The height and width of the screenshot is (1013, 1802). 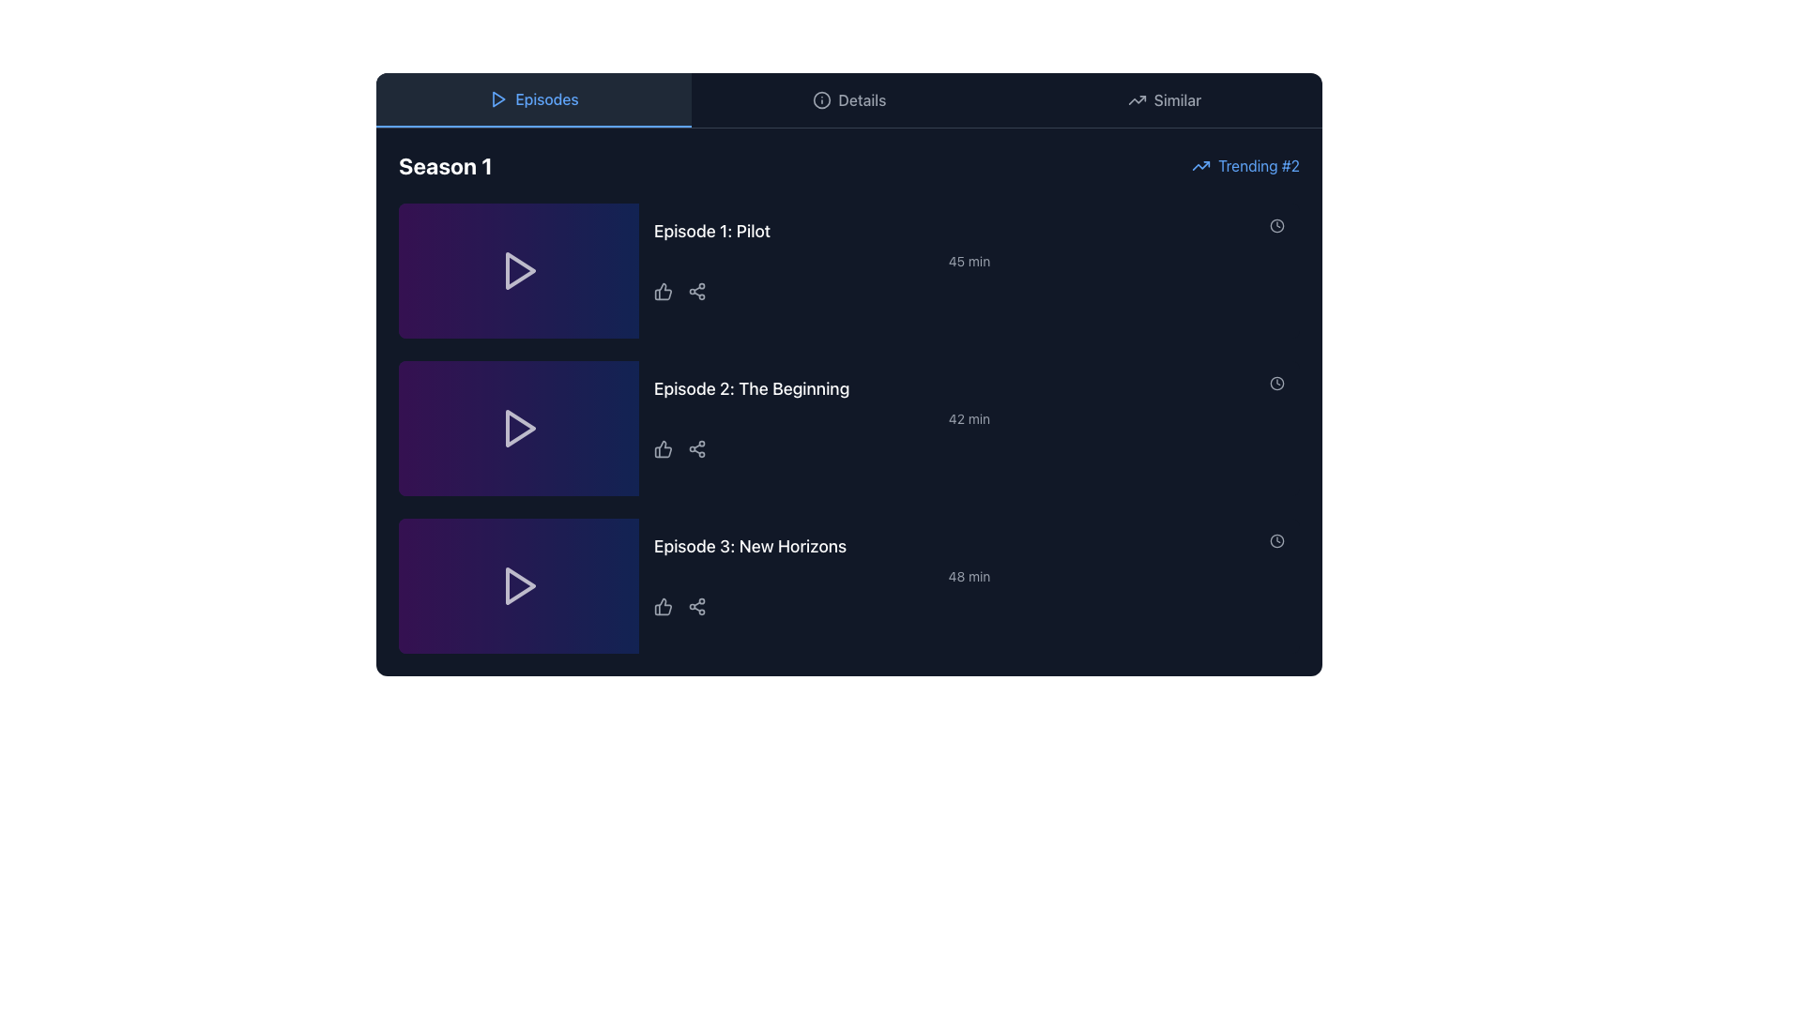 What do you see at coordinates (696, 292) in the screenshot?
I see `the Share Button icon located below the episode title and adjacent to the like icon` at bounding box center [696, 292].